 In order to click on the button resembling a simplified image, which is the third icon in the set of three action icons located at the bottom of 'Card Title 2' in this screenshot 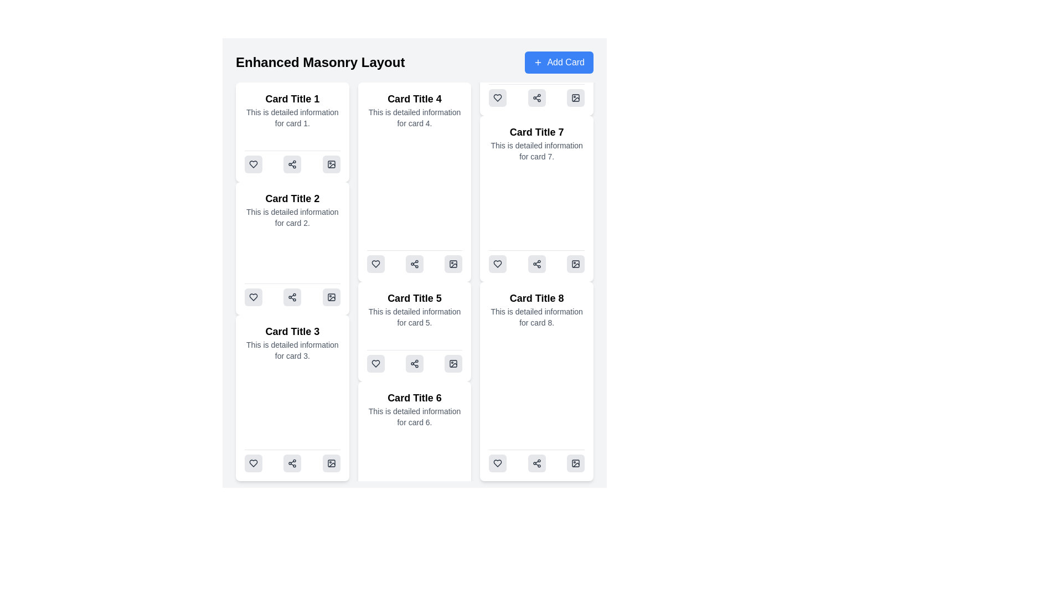, I will do `click(331, 296)`.